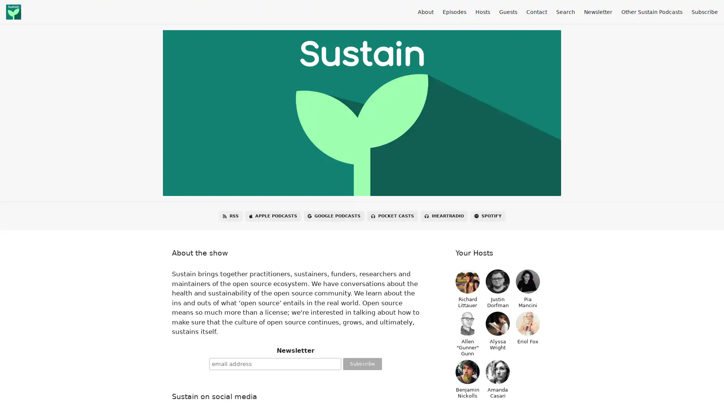 The image size is (724, 407). Describe the element at coordinates (362, 363) in the screenshot. I see `Subscribe` at that location.